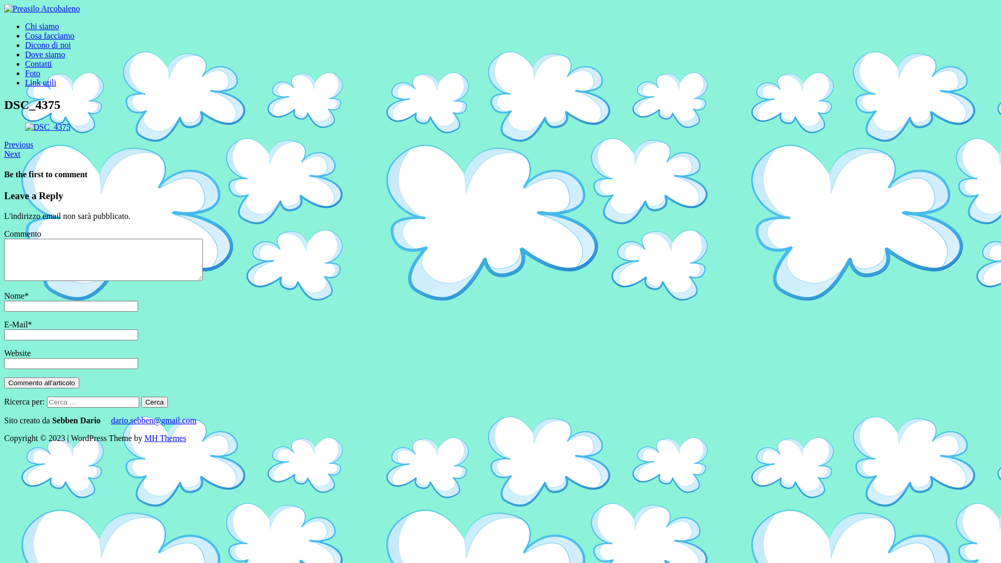 This screenshot has width=1001, height=563. Describe the element at coordinates (153, 420) in the screenshot. I see `'dario.sebben@gmail.com'` at that location.